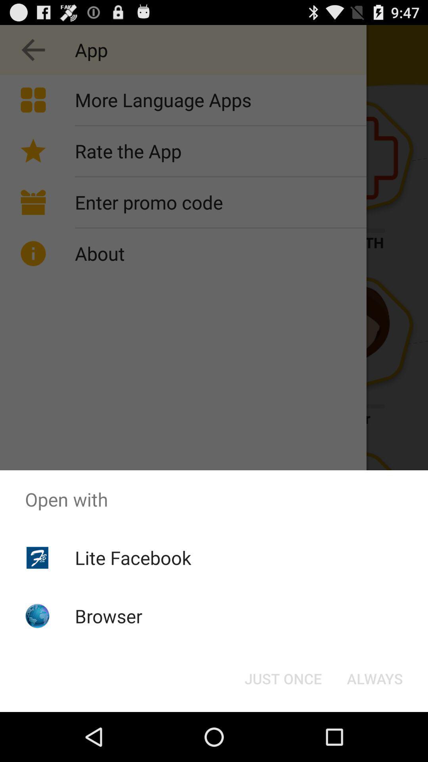 This screenshot has height=762, width=428. What do you see at coordinates (109, 616) in the screenshot?
I see `the browser icon` at bounding box center [109, 616].